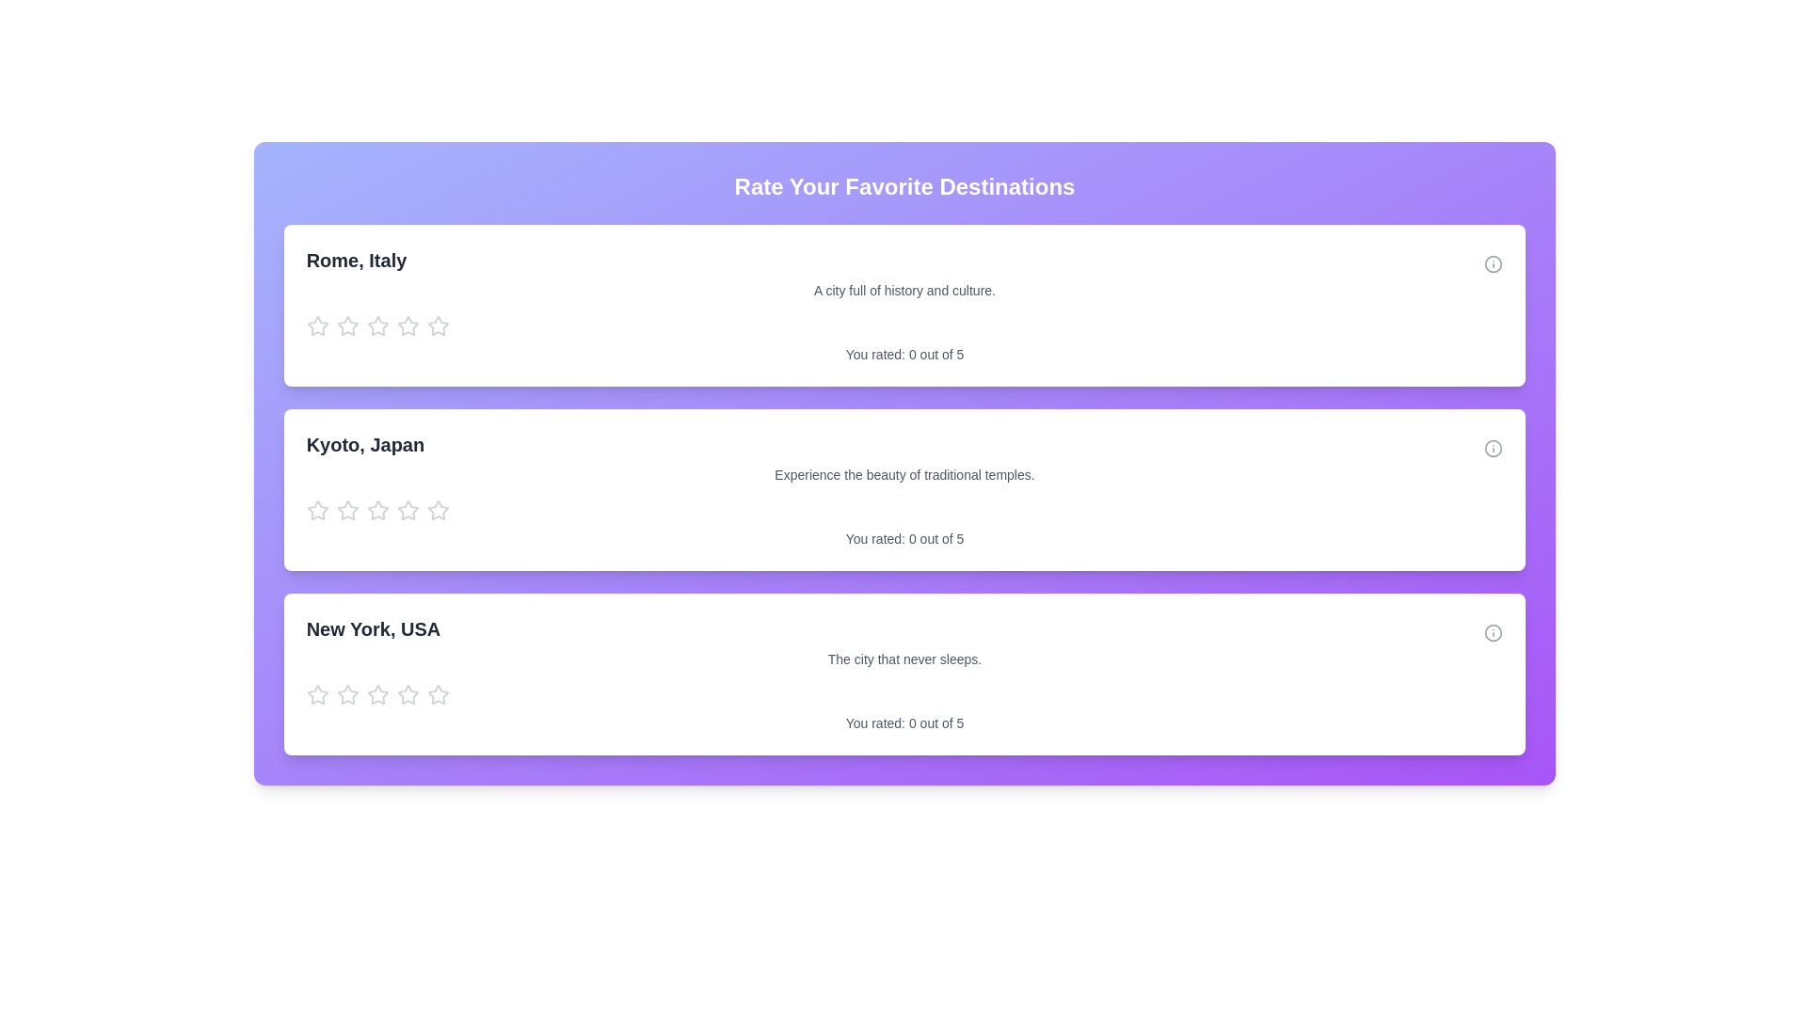 This screenshot has width=1807, height=1016. I want to click on the fourth star in the rating icon for the 'Kyoto, Japan' location card, so click(376, 511).